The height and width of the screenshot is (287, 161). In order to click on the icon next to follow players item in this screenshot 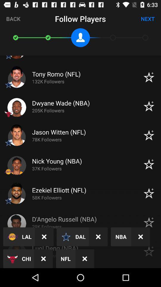, I will do `click(13, 19)`.